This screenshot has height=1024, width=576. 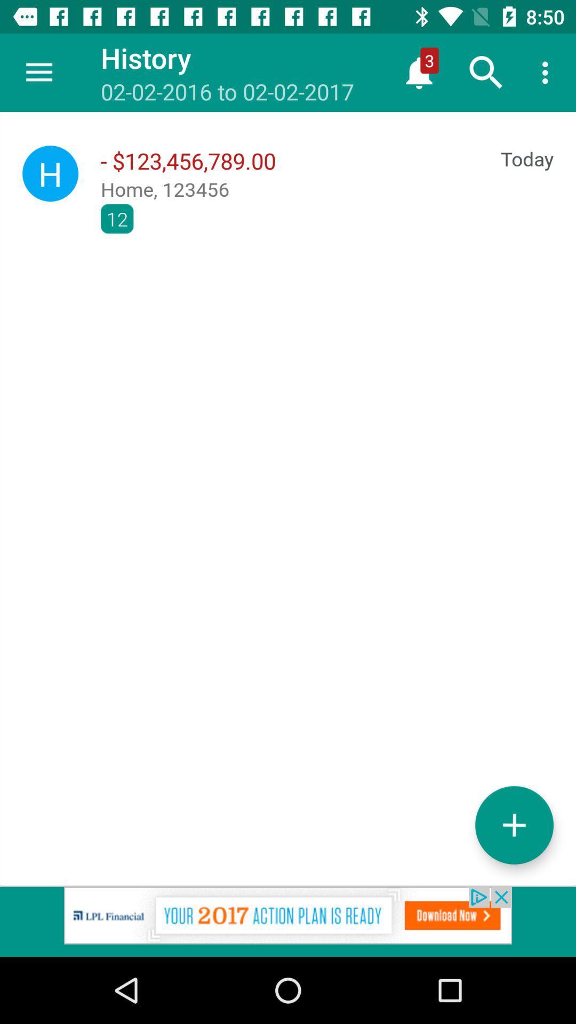 I want to click on more options, so click(x=514, y=825).